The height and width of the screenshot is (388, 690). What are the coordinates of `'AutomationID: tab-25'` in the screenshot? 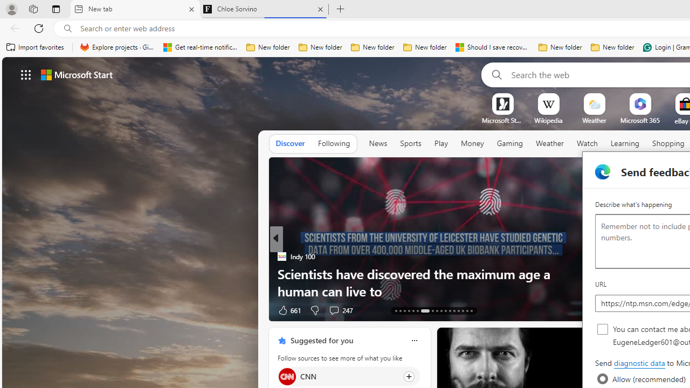 It's located at (454, 311).